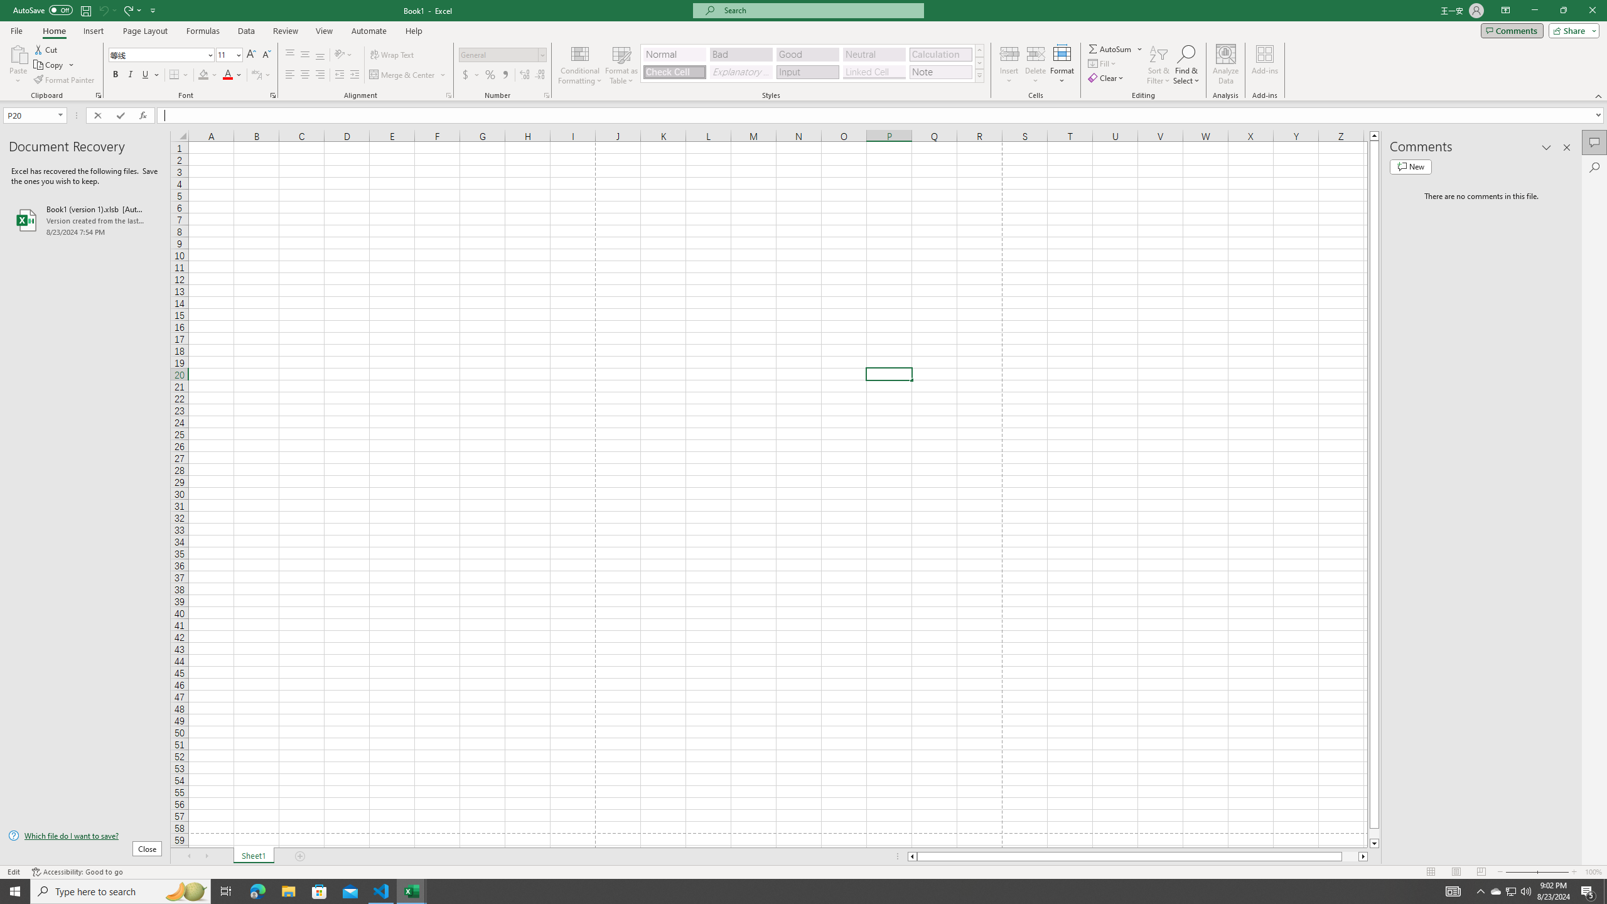 The width and height of the screenshot is (1607, 904). Describe the element at coordinates (202, 74) in the screenshot. I see `'Fill Color RGB(255, 255, 0)'` at that location.